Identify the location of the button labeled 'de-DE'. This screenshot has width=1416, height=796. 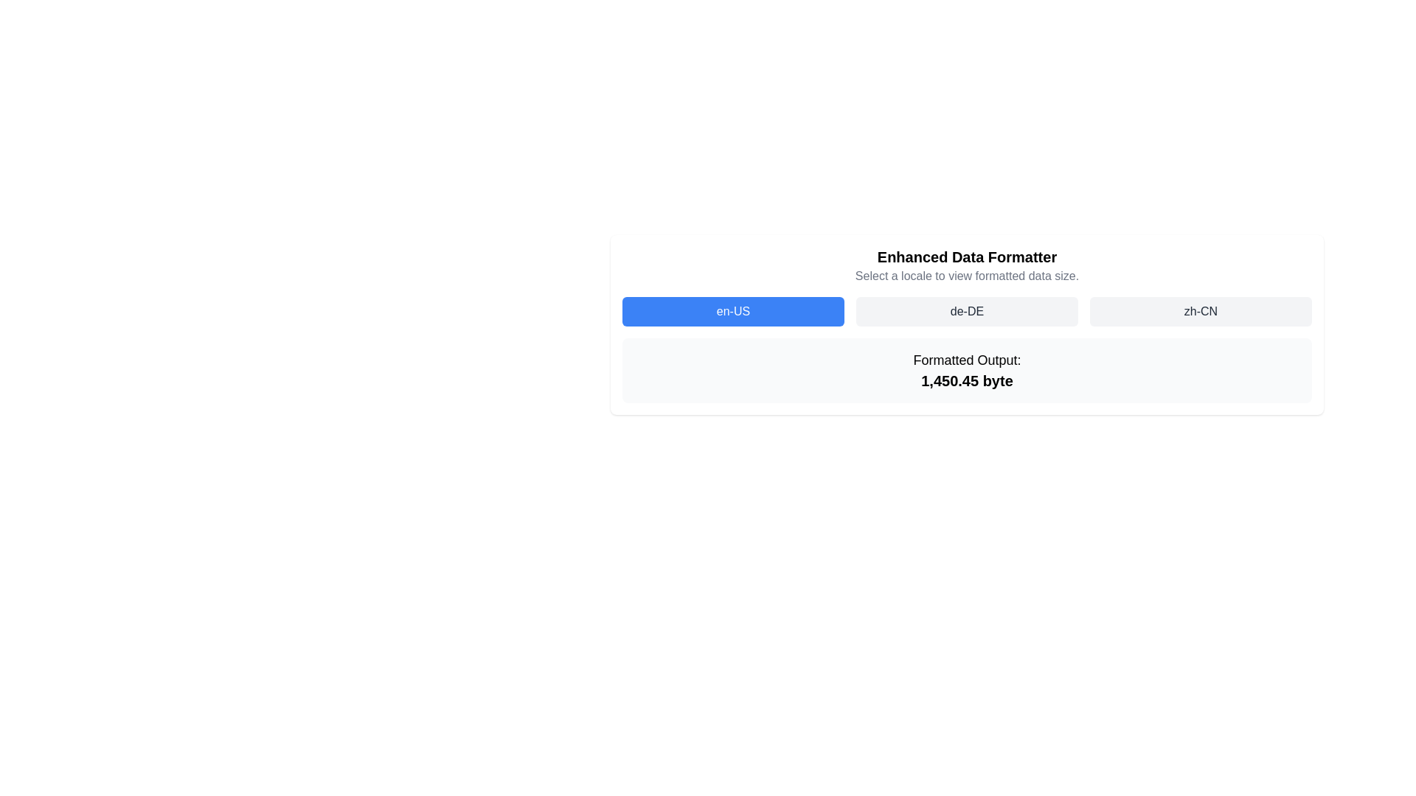
(967, 311).